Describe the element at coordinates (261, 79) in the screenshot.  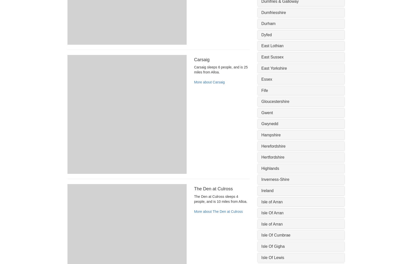
I see `'Essex'` at that location.